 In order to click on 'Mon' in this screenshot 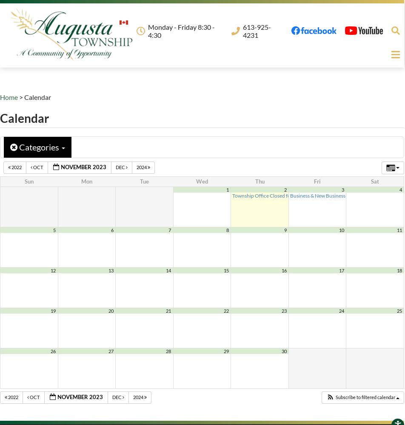, I will do `click(86, 181)`.